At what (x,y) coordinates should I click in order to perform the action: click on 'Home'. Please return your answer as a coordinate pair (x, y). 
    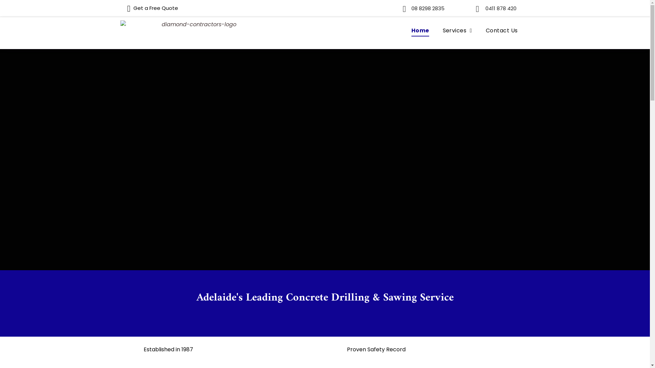
    Looking at the image, I should click on (420, 30).